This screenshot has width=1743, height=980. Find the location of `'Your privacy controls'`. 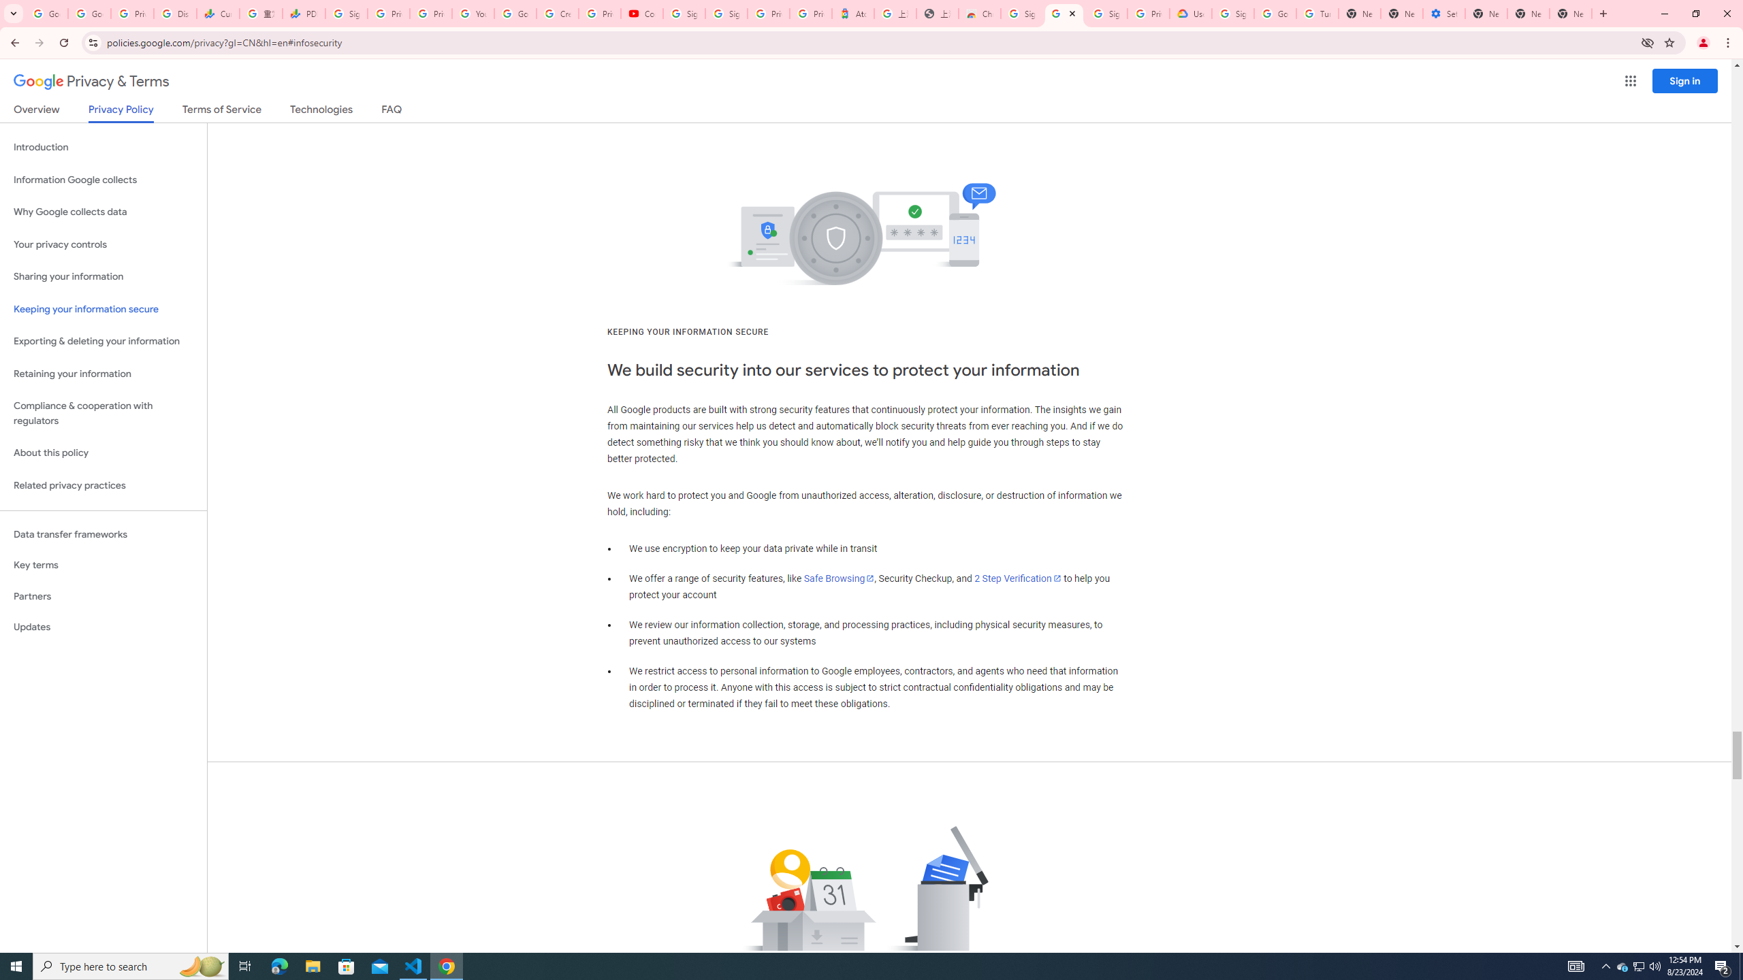

'Your privacy controls' is located at coordinates (103, 245).